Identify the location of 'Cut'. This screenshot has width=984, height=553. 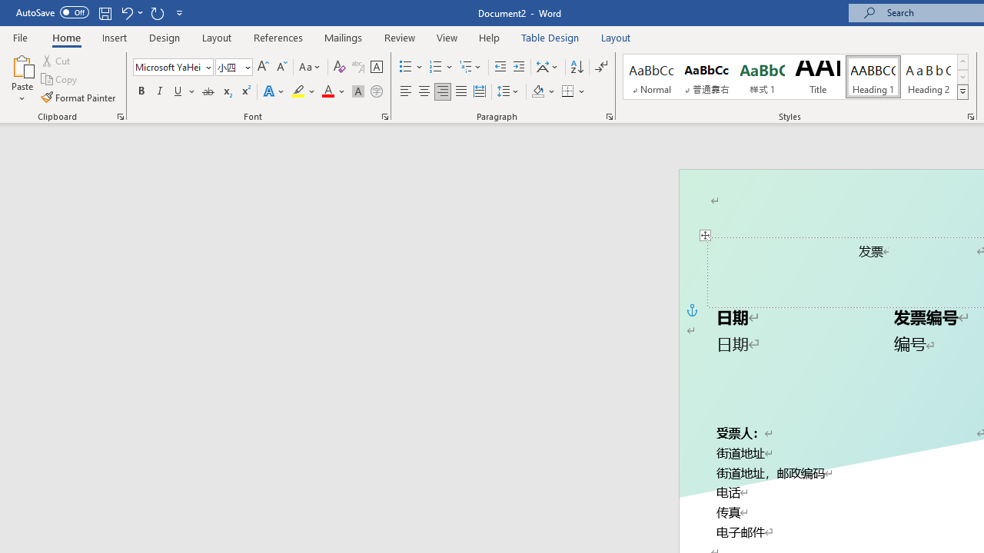
(57, 60).